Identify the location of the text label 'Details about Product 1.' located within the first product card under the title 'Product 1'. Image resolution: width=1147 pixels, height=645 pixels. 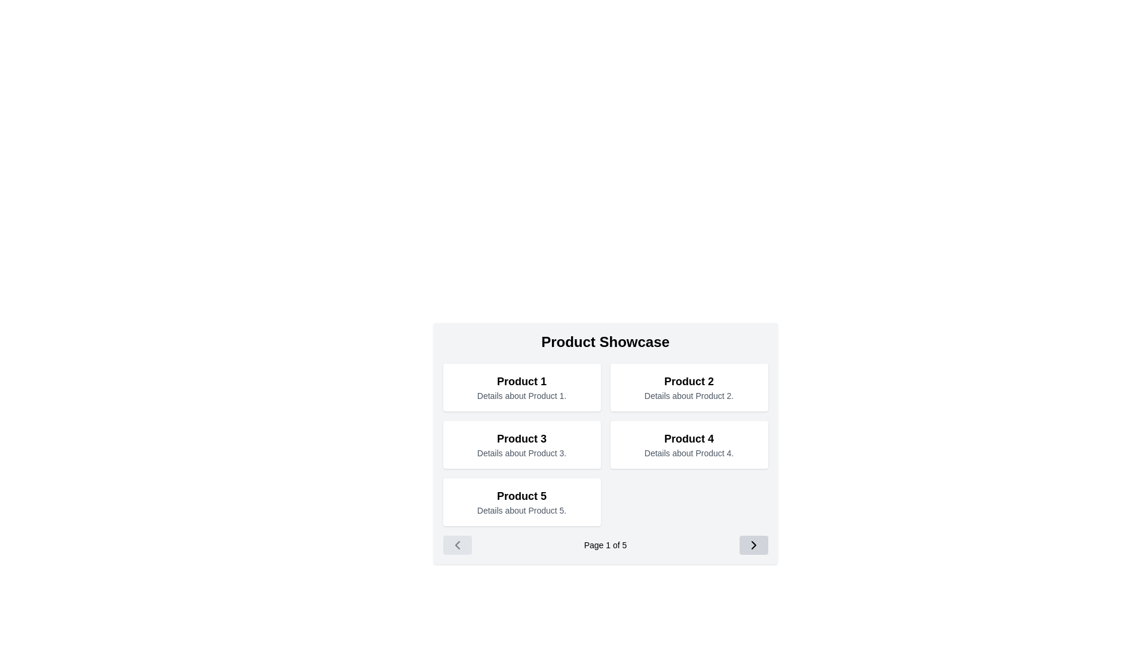
(522, 396).